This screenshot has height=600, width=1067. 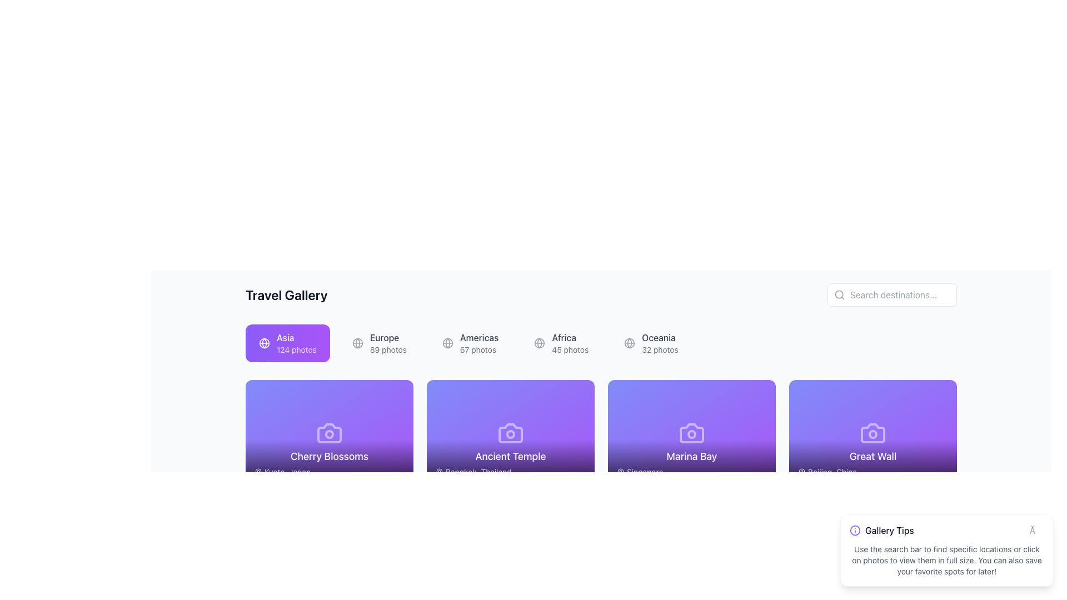 What do you see at coordinates (889, 530) in the screenshot?
I see `text content of the 'Gallery Tips' label, which is styled with a medium-weight font and dark gray color, located in the bottom-right quadrant of the page` at bounding box center [889, 530].